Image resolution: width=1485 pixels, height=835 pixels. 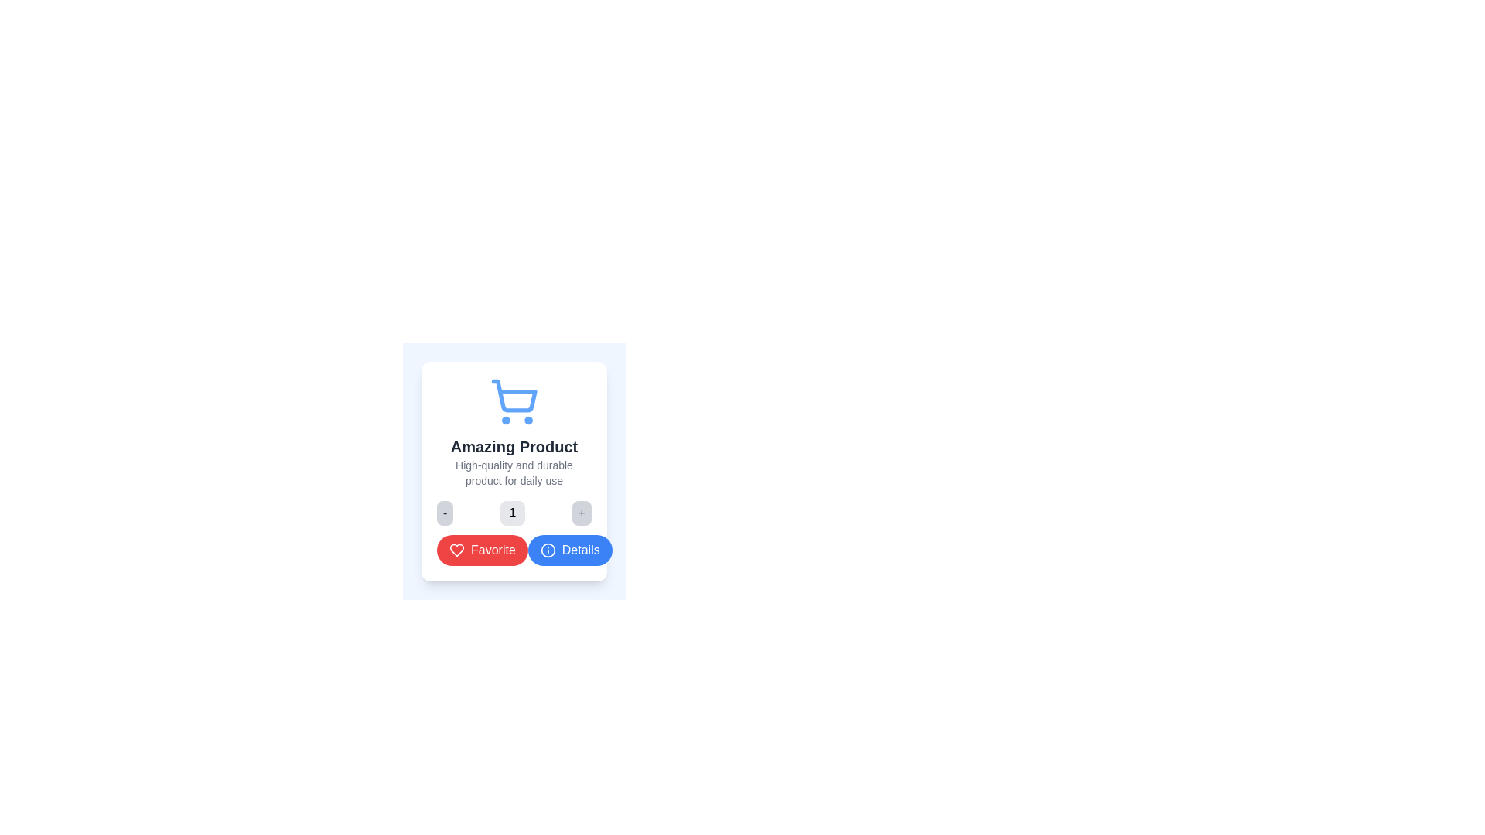 What do you see at coordinates (569, 550) in the screenshot?
I see `the second button from the left in the horizontal row located at the bottom of the card, which provides additional details about the product` at bounding box center [569, 550].